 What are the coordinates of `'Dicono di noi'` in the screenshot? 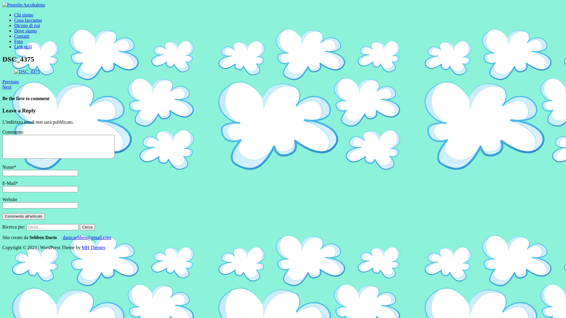 It's located at (27, 25).